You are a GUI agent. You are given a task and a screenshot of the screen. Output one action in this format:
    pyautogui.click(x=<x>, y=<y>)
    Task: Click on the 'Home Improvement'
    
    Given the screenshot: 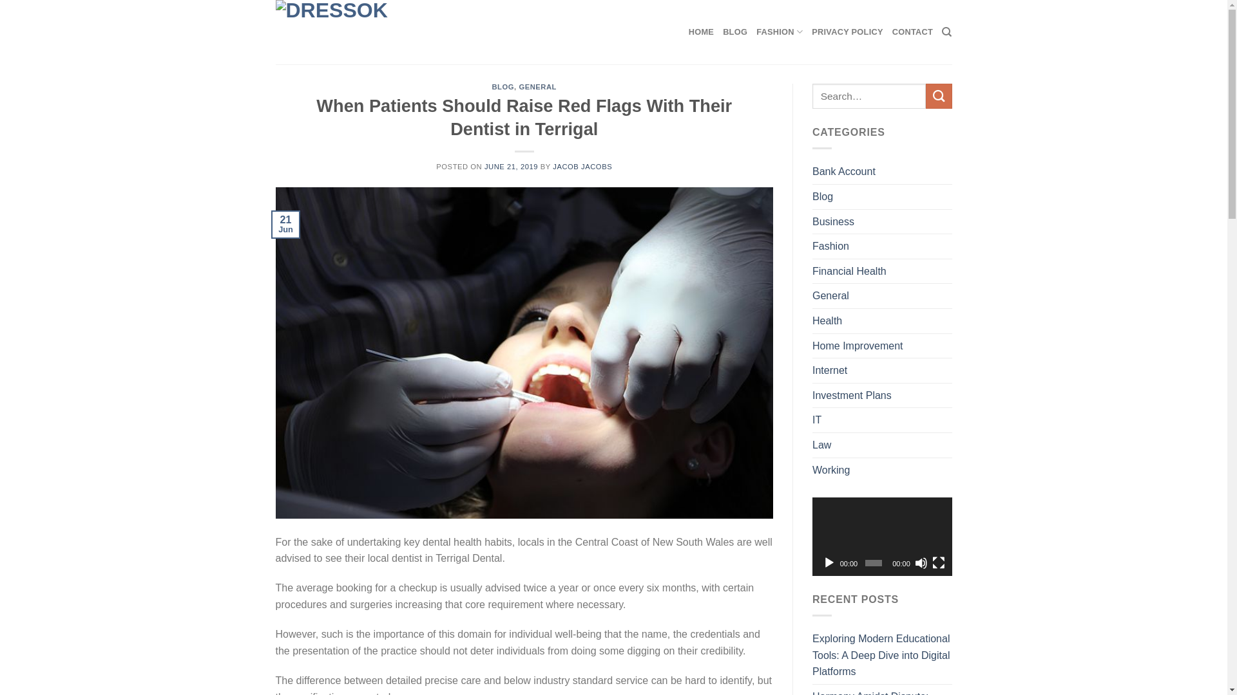 What is the action you would take?
    pyautogui.click(x=858, y=345)
    